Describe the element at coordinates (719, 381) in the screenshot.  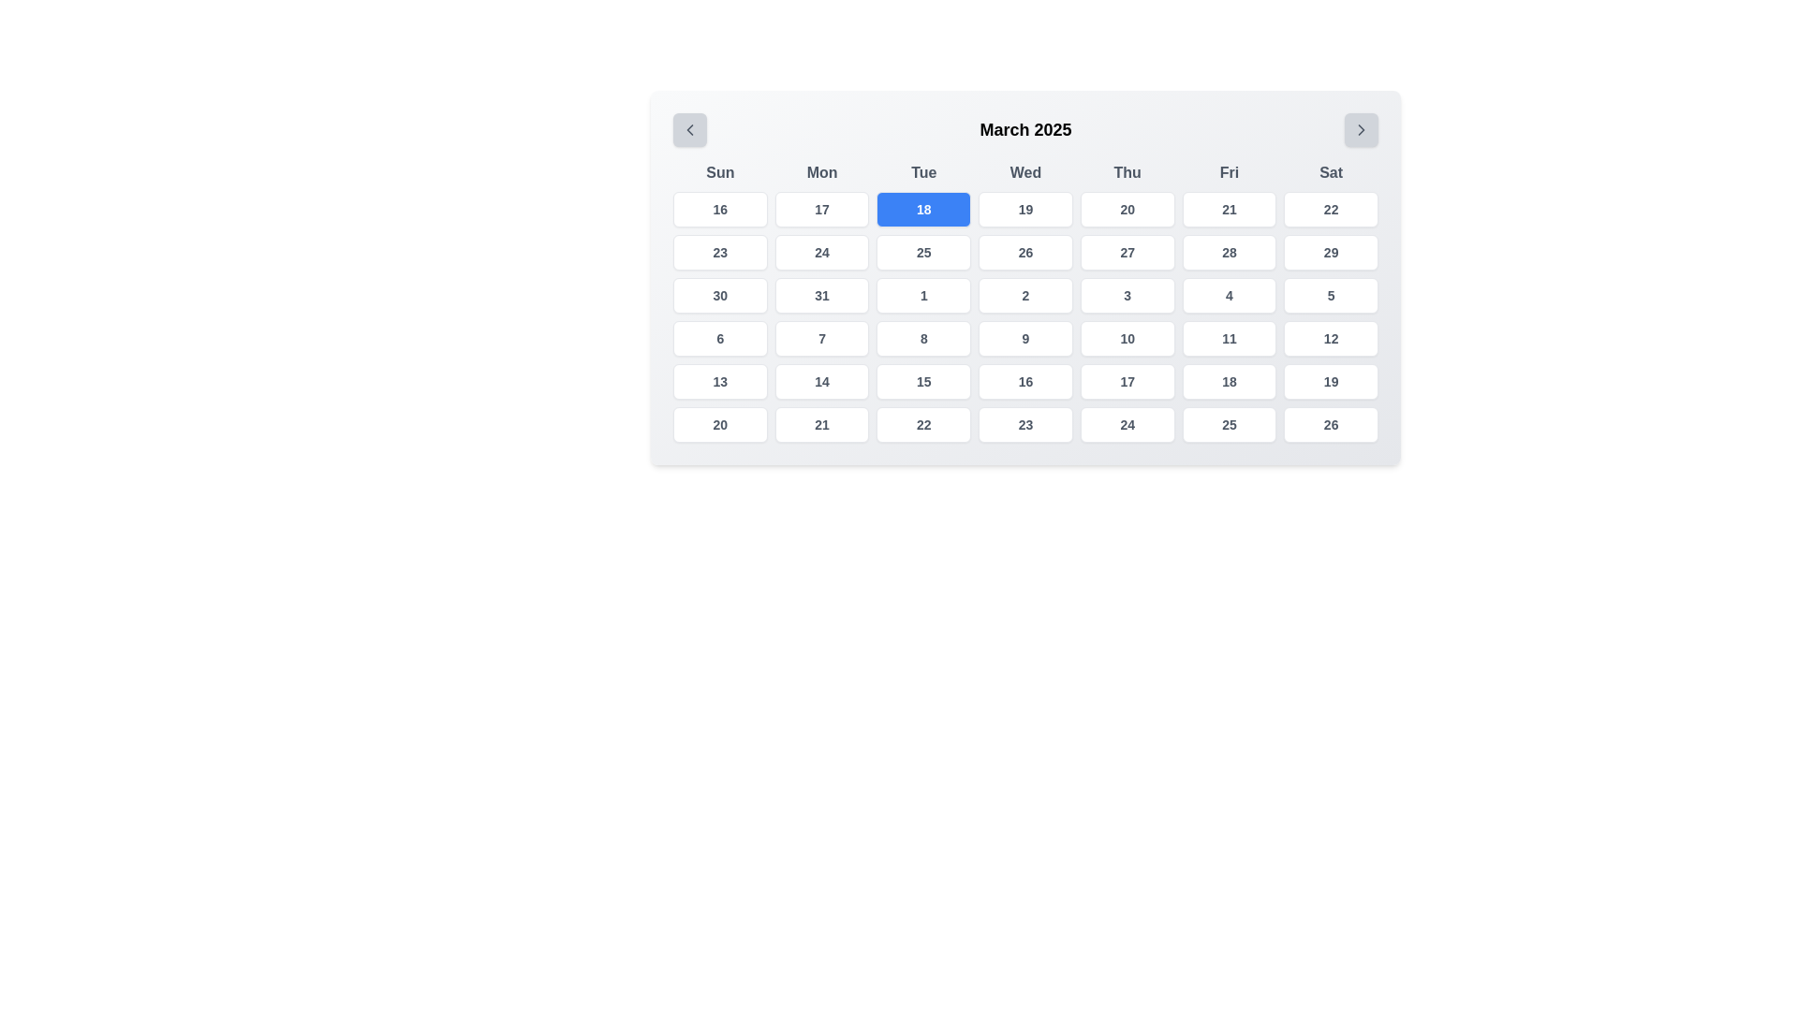
I see `the clickable calendar cell representing the date 13 in the grid-based calendar interface, located in the sixth row and first column (Sunday), for drag-and-drop functionality` at that location.